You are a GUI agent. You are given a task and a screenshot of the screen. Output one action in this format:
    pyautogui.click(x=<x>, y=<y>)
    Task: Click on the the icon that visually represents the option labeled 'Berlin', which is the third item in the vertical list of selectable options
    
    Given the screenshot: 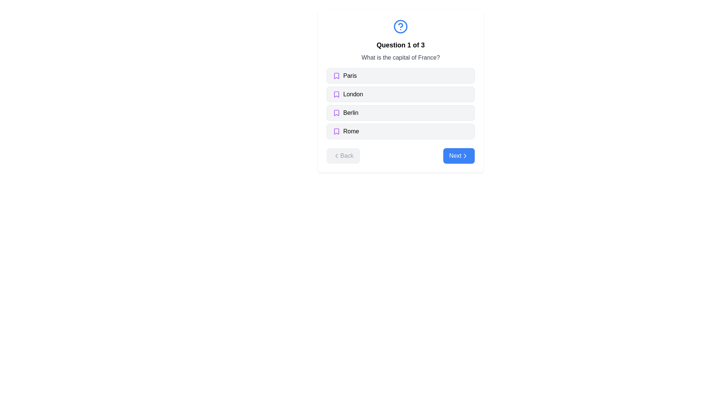 What is the action you would take?
    pyautogui.click(x=336, y=113)
    